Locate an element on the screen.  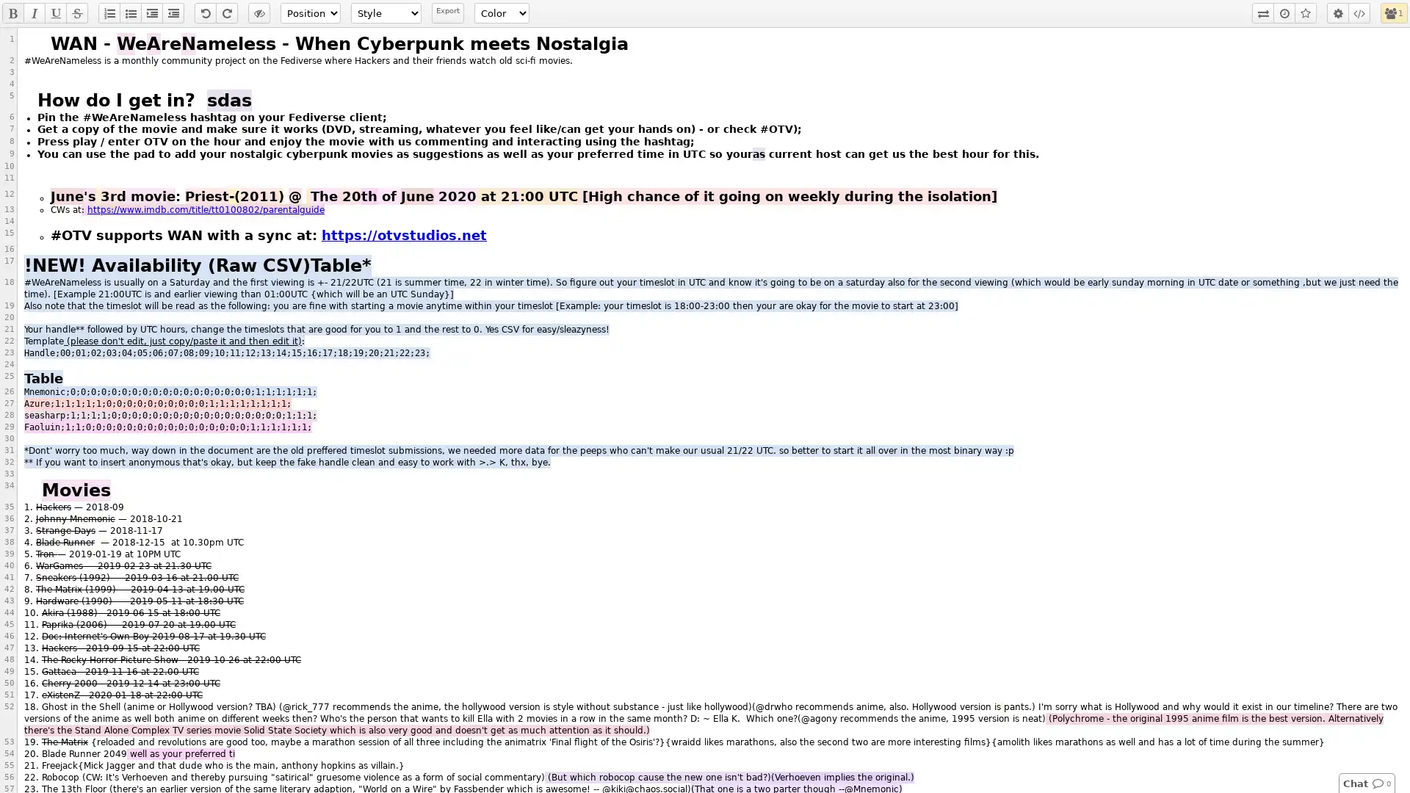
Clear Authorship Colours (Ctrl+Shift+C) is located at coordinates (259, 13).